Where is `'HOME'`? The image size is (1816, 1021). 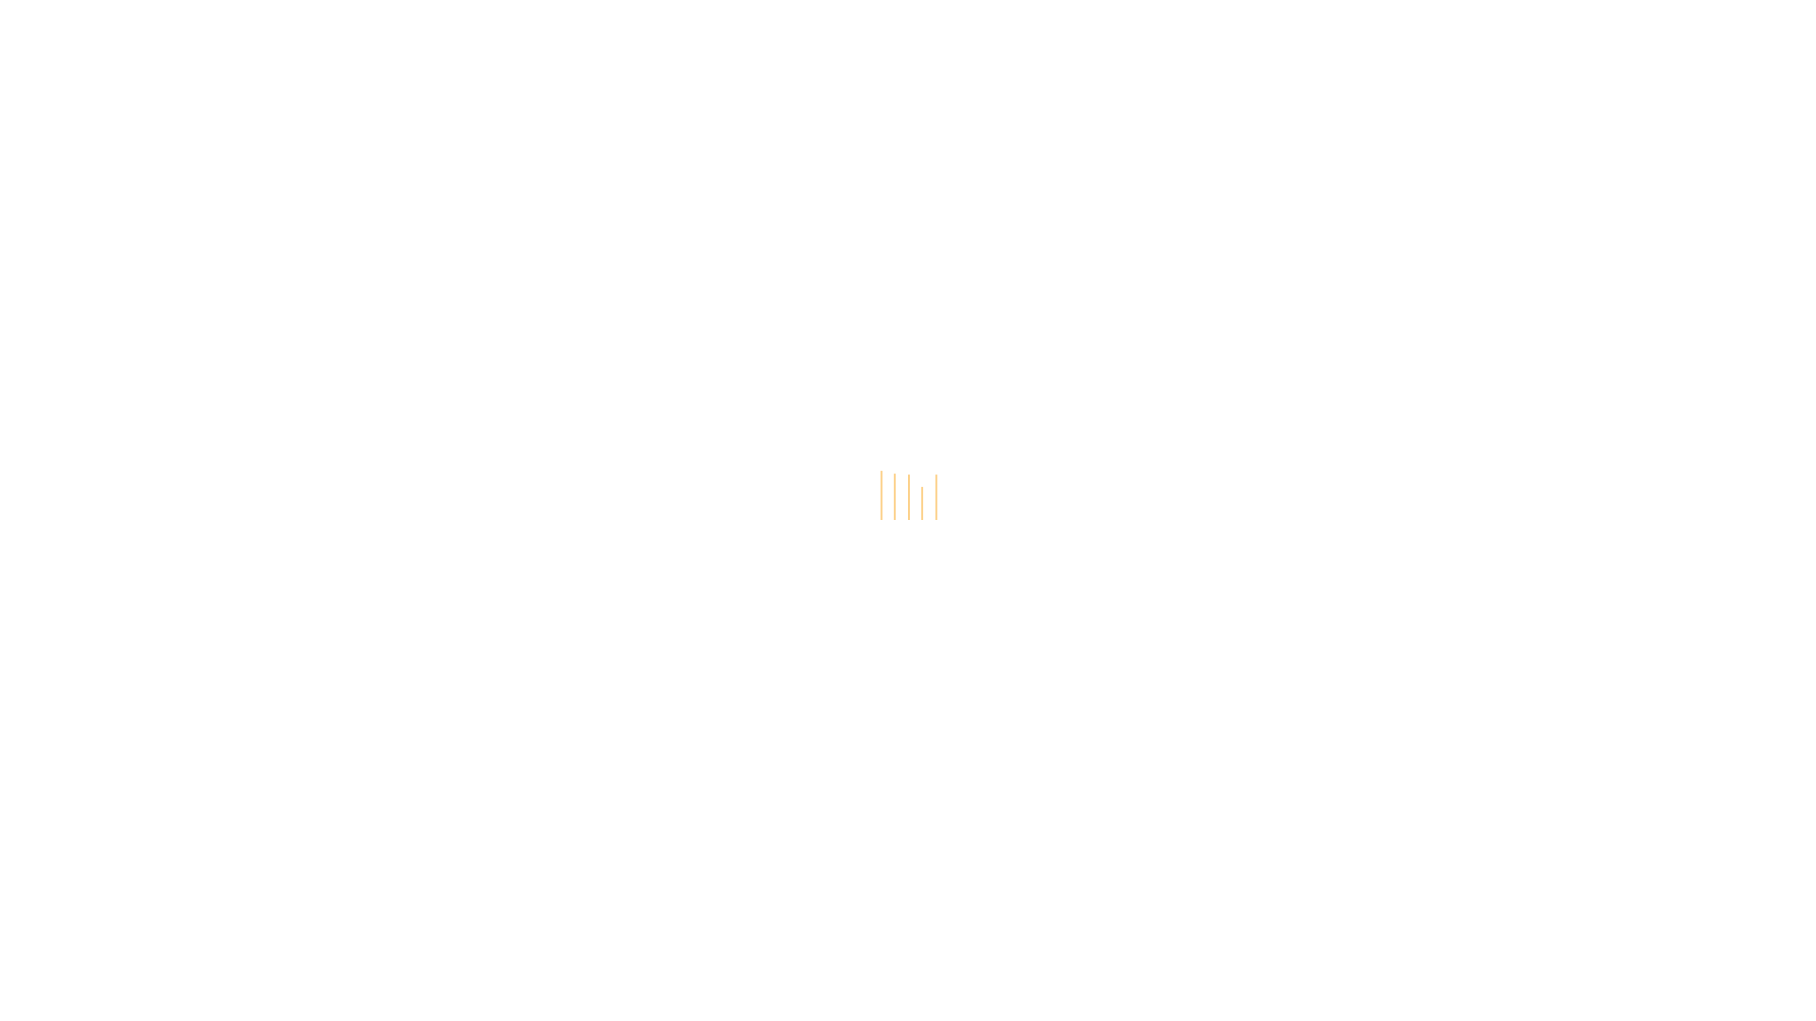
'HOME' is located at coordinates (403, 65).